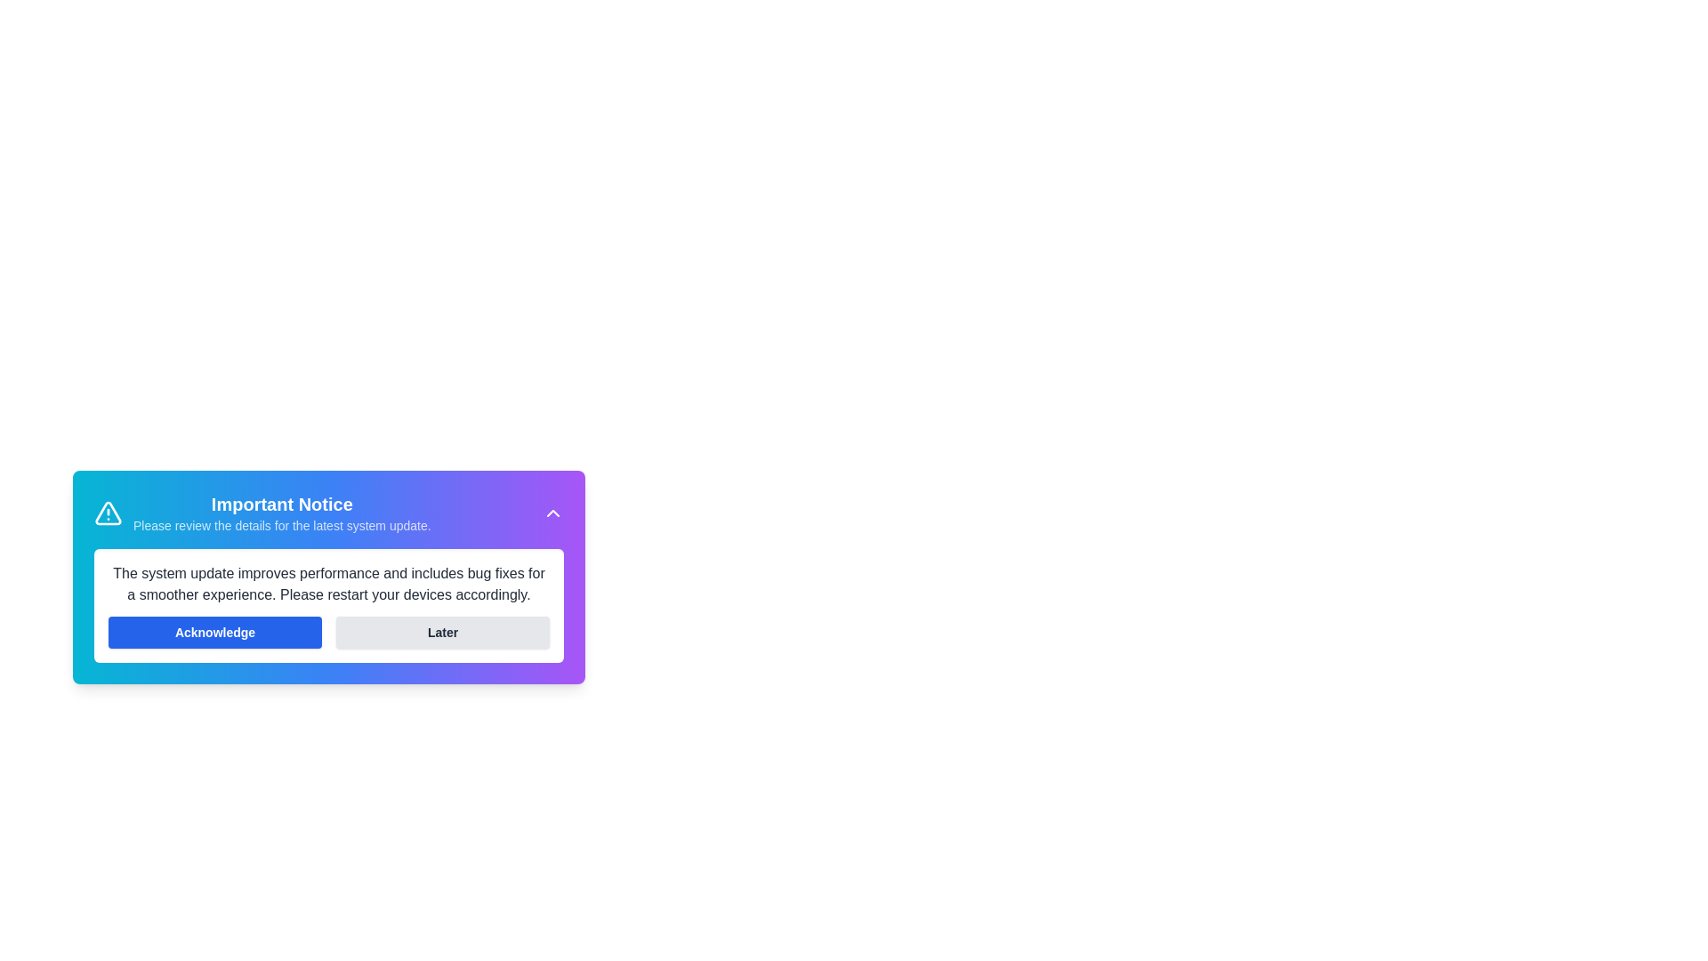 Image resolution: width=1708 pixels, height=961 pixels. What do you see at coordinates (552, 513) in the screenshot?
I see `the arrow button to toggle the expansion or collapse of the alert details section` at bounding box center [552, 513].